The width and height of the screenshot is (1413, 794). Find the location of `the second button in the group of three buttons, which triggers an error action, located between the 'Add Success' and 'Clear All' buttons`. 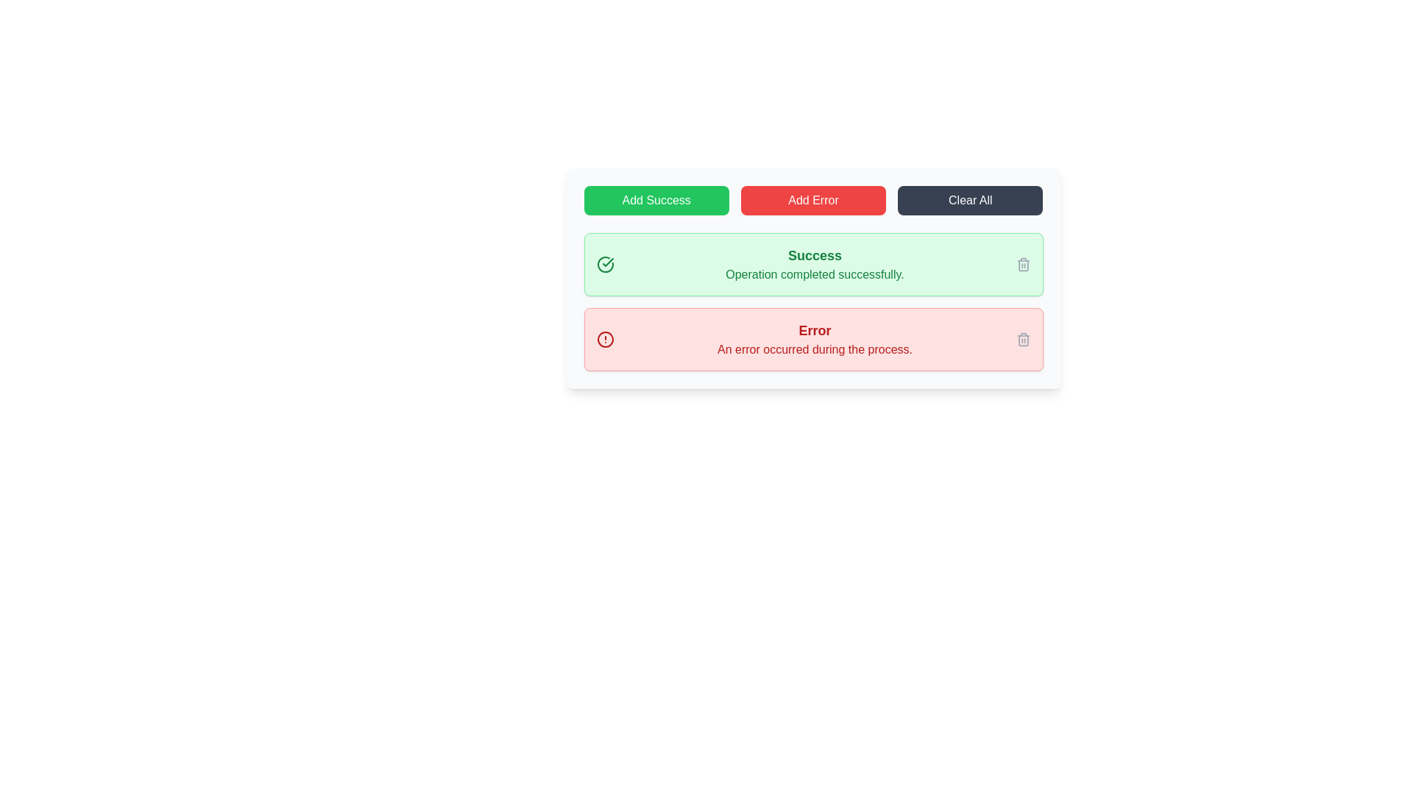

the second button in the group of three buttons, which triggers an error action, located between the 'Add Success' and 'Clear All' buttons is located at coordinates (812, 201).